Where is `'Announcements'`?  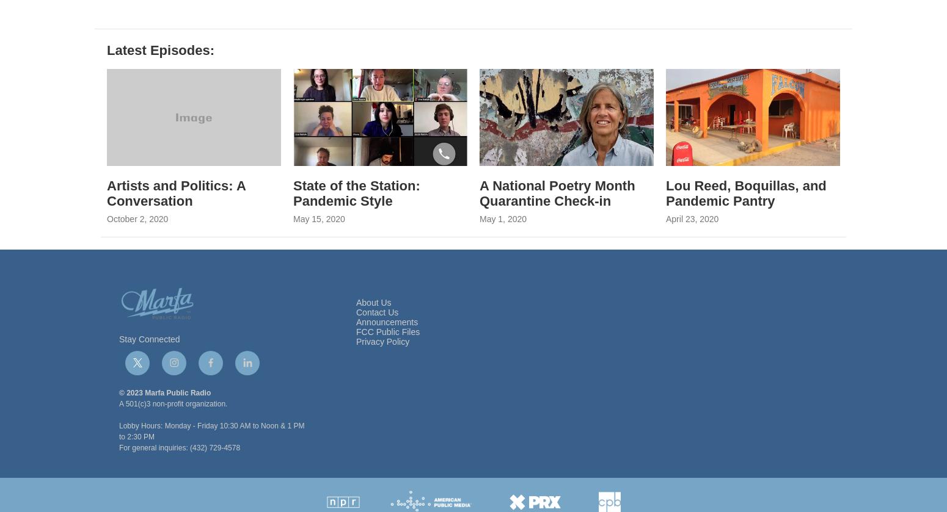 'Announcements' is located at coordinates (386, 351).